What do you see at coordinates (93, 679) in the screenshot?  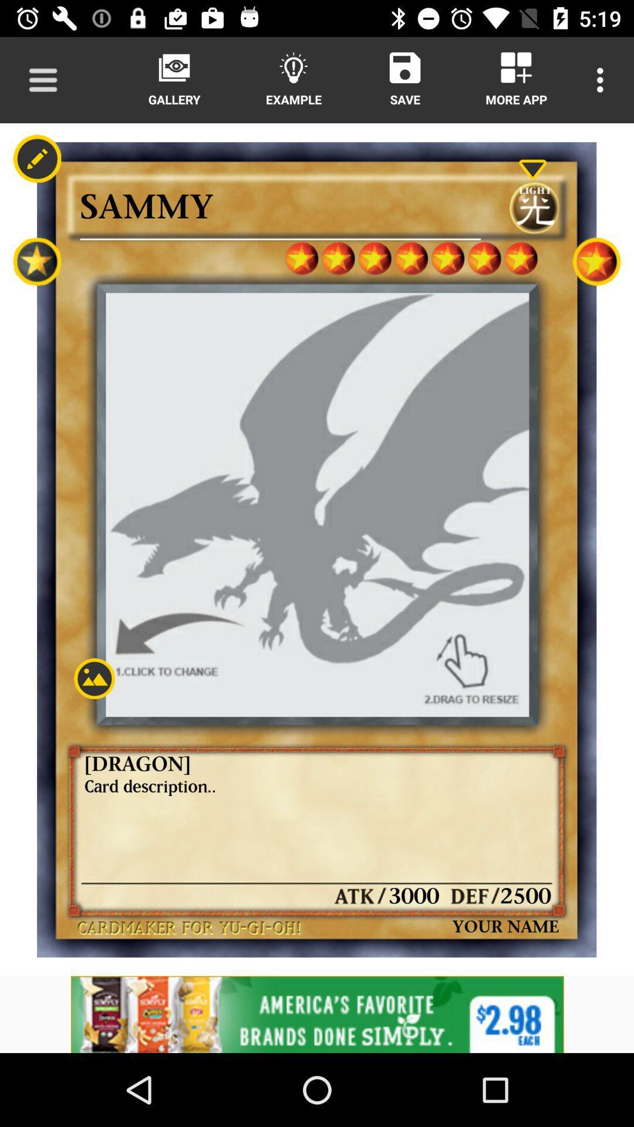 I see `game page` at bounding box center [93, 679].